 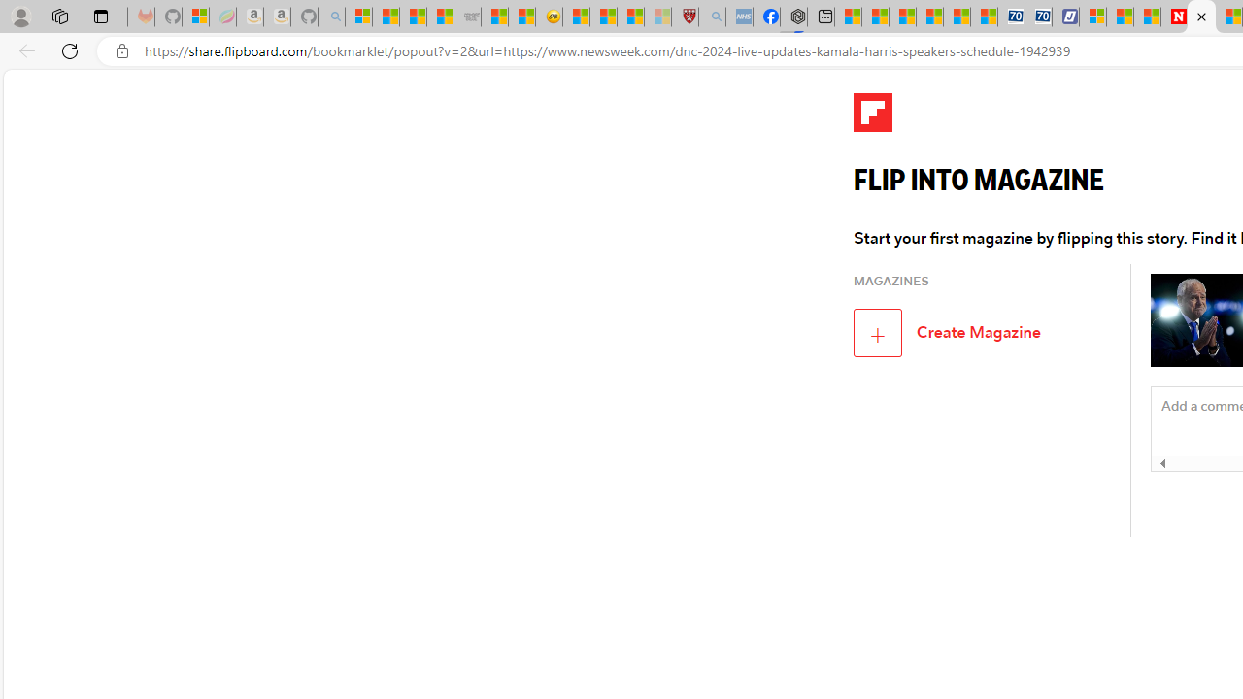 I want to click on 'Microsoft account | Privacy', so click(x=1092, y=17).